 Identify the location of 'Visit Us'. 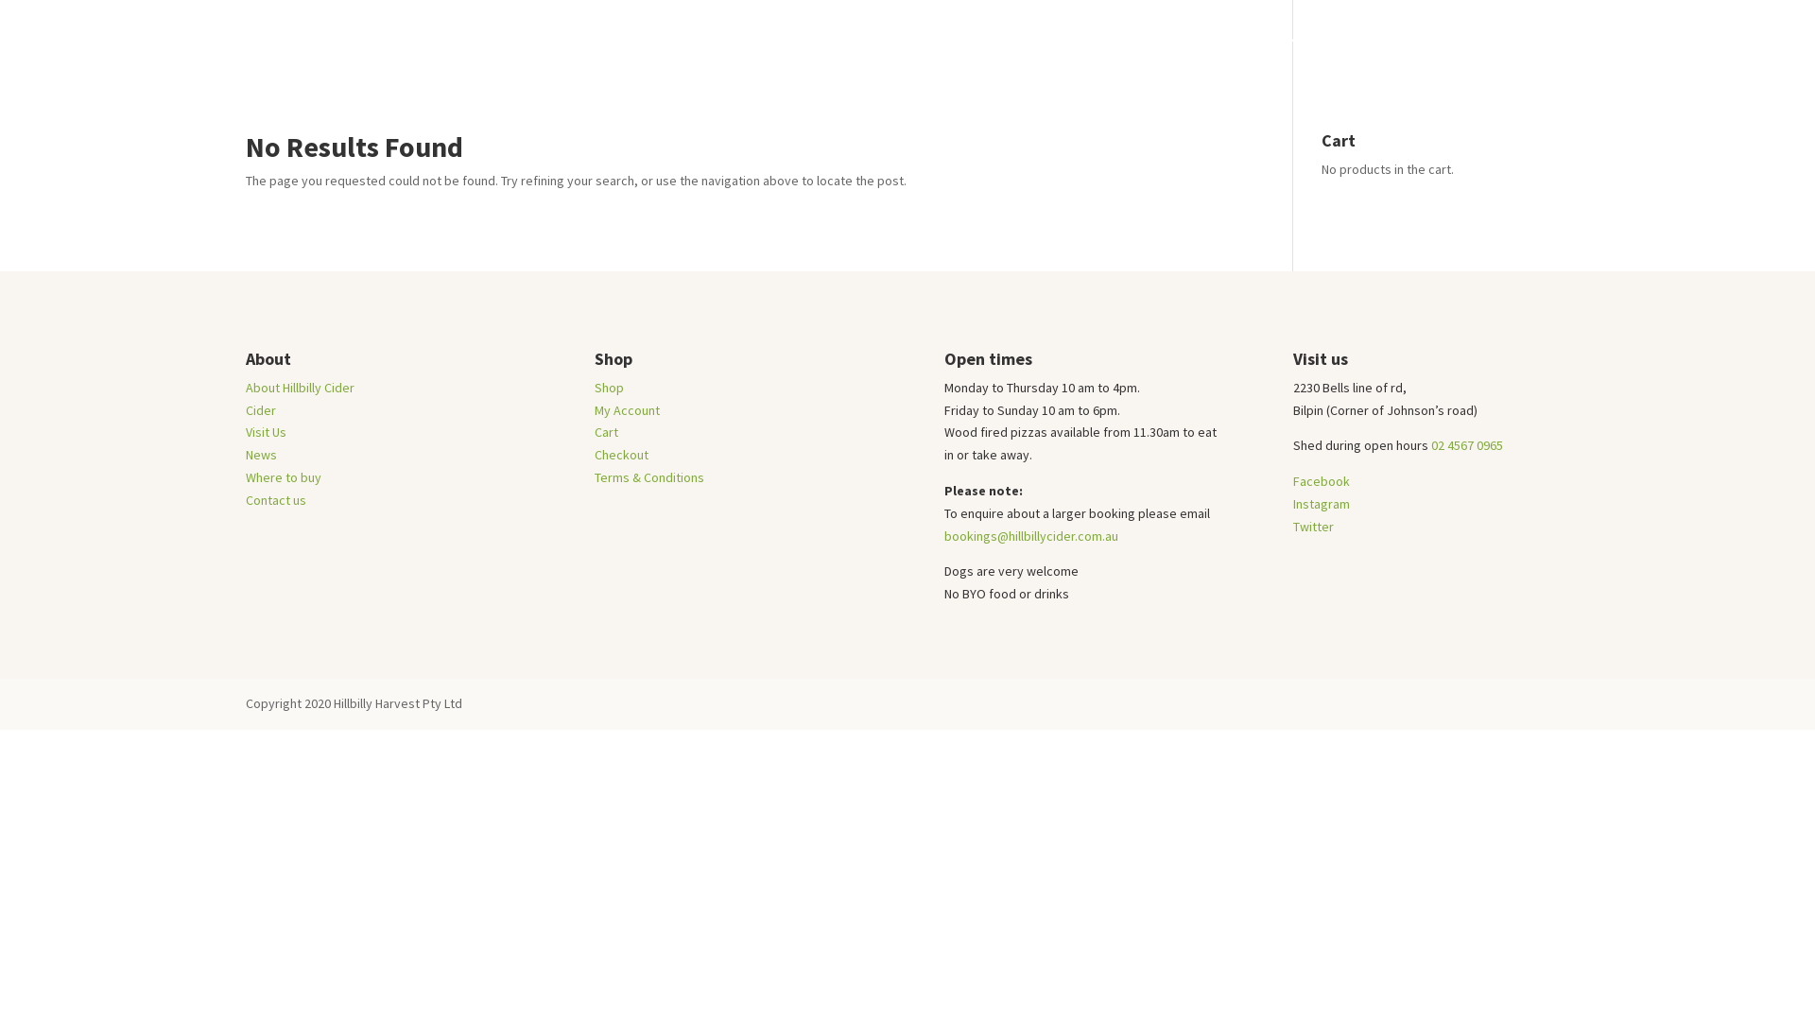
(244, 431).